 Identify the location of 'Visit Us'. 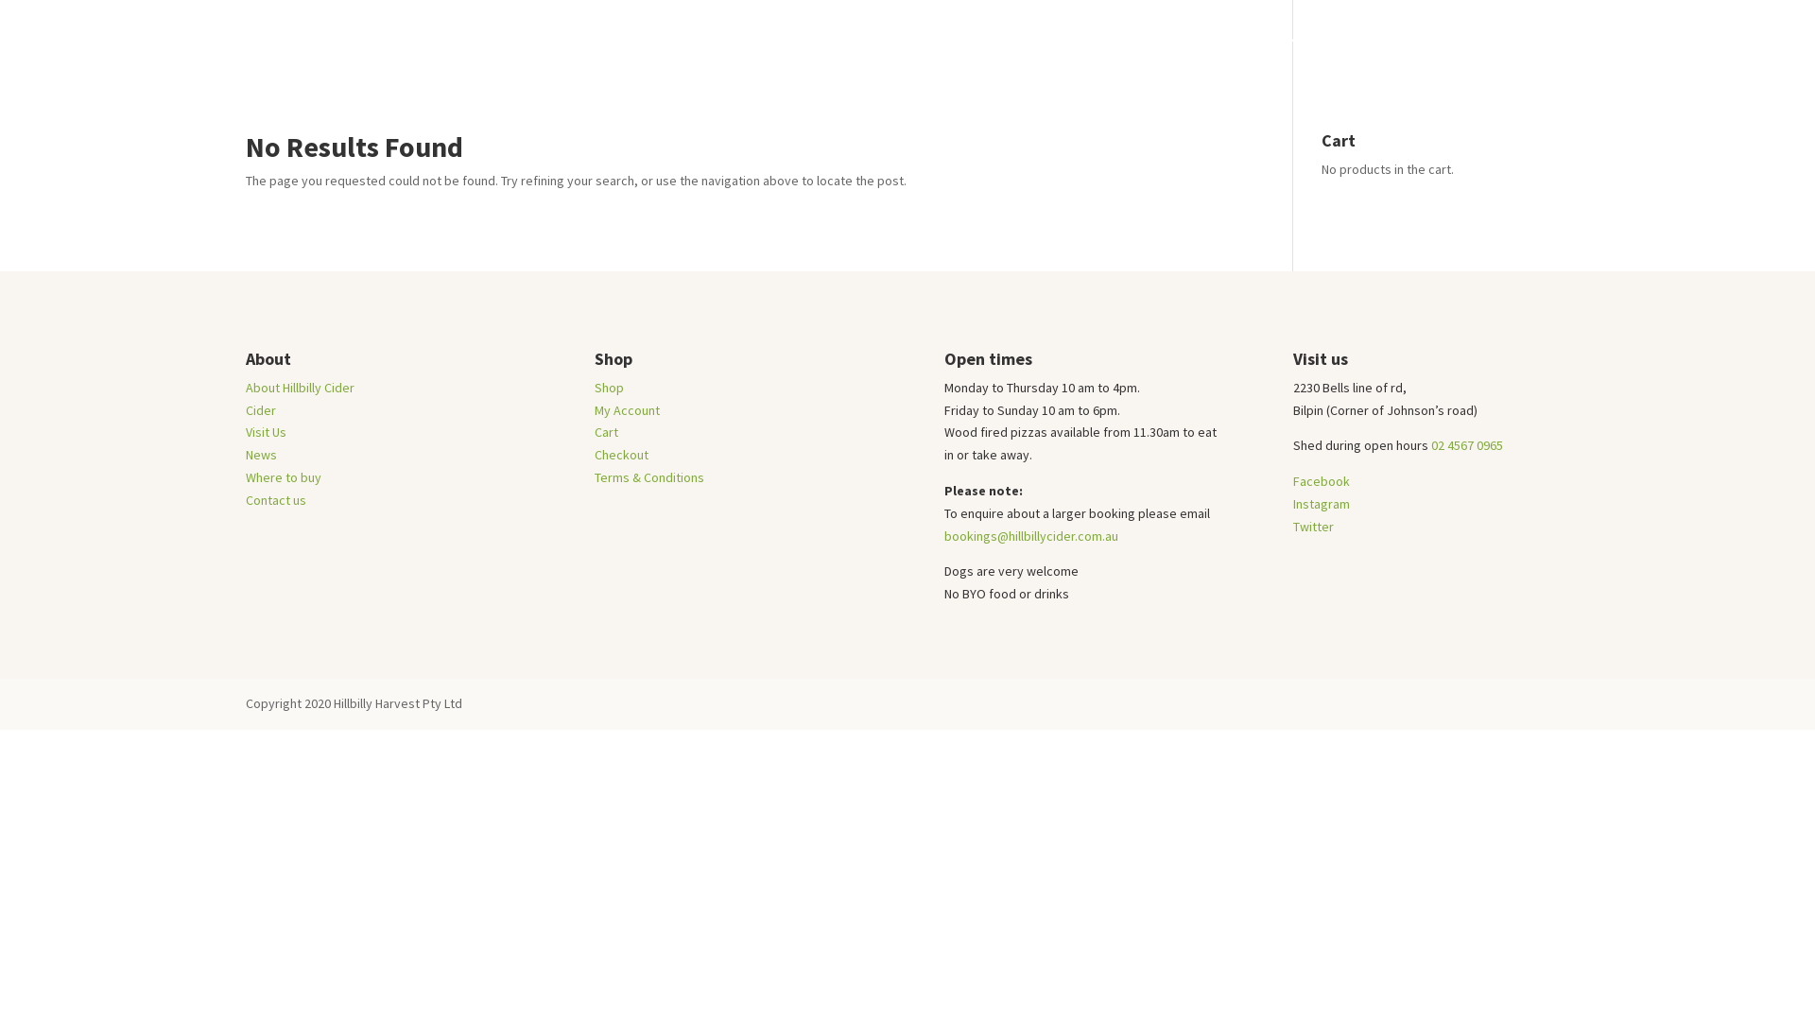
(244, 431).